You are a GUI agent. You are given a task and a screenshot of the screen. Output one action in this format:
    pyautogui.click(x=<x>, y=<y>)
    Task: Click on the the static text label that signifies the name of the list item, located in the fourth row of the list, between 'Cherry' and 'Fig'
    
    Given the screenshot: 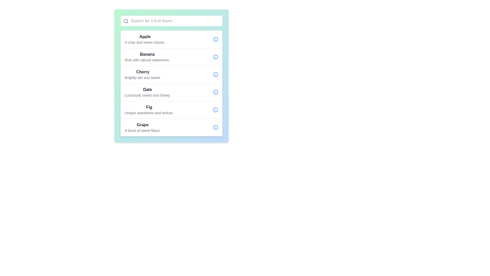 What is the action you would take?
    pyautogui.click(x=147, y=89)
    